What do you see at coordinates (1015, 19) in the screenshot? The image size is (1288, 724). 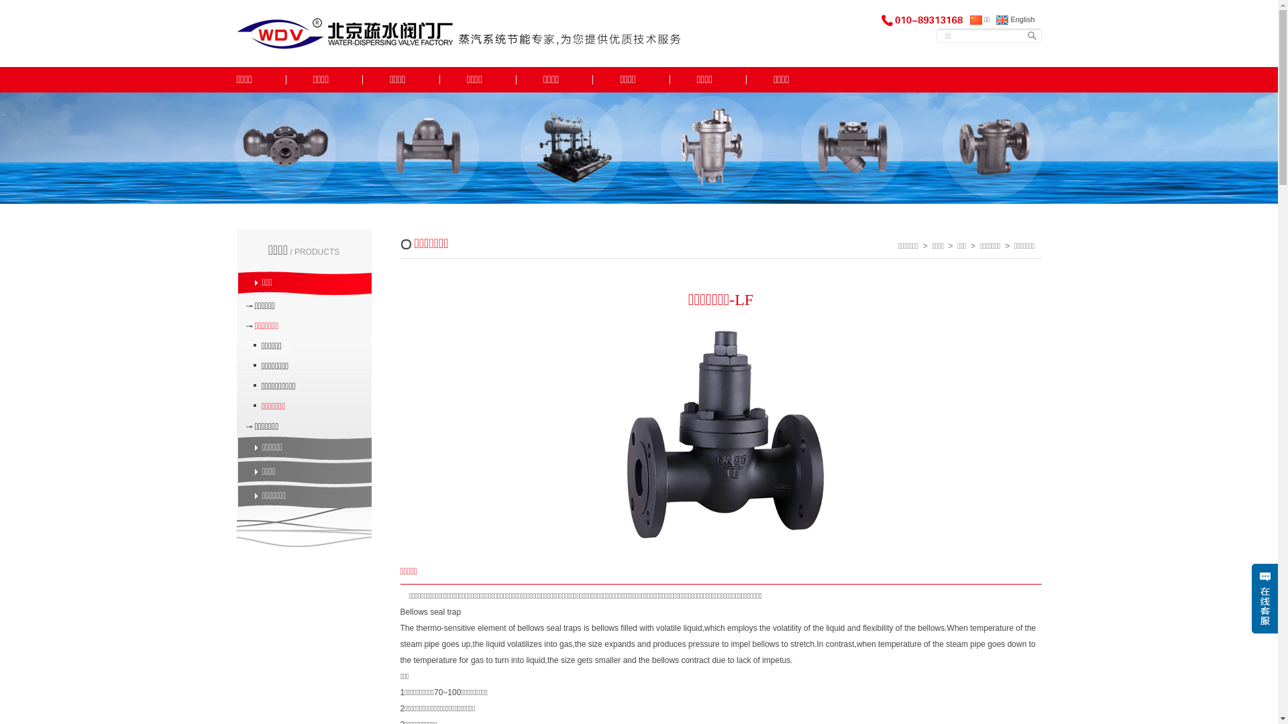 I see `'English'` at bounding box center [1015, 19].